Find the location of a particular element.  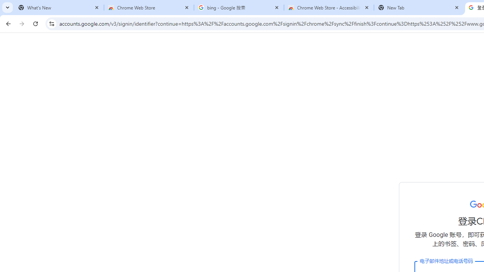

'What' is located at coordinates (59, 8).